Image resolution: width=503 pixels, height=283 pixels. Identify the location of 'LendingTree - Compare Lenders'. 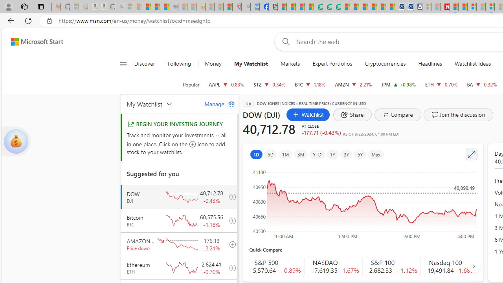
(318, 7).